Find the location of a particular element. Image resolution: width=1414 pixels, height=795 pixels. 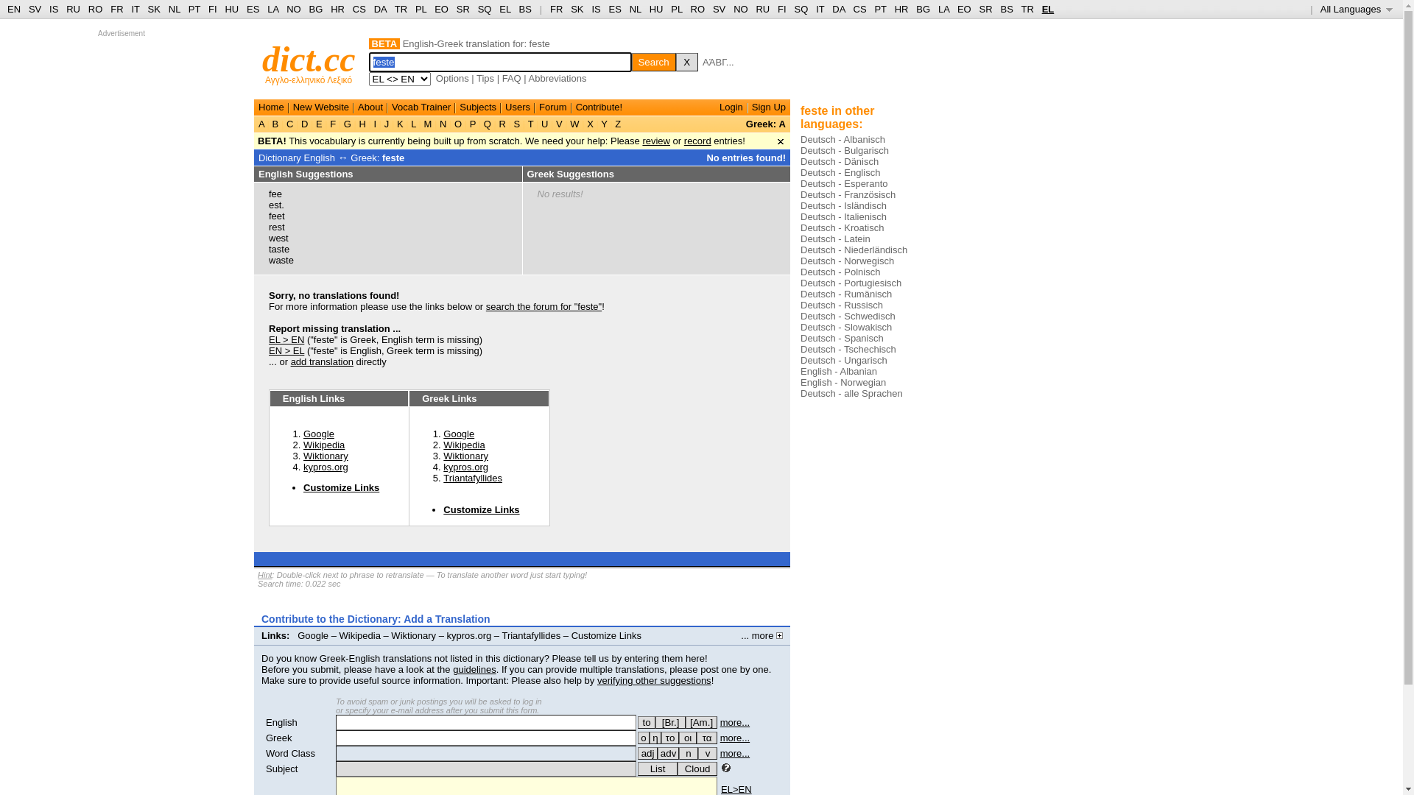

'Deutsch - Tschechisch' is located at coordinates (848, 349).